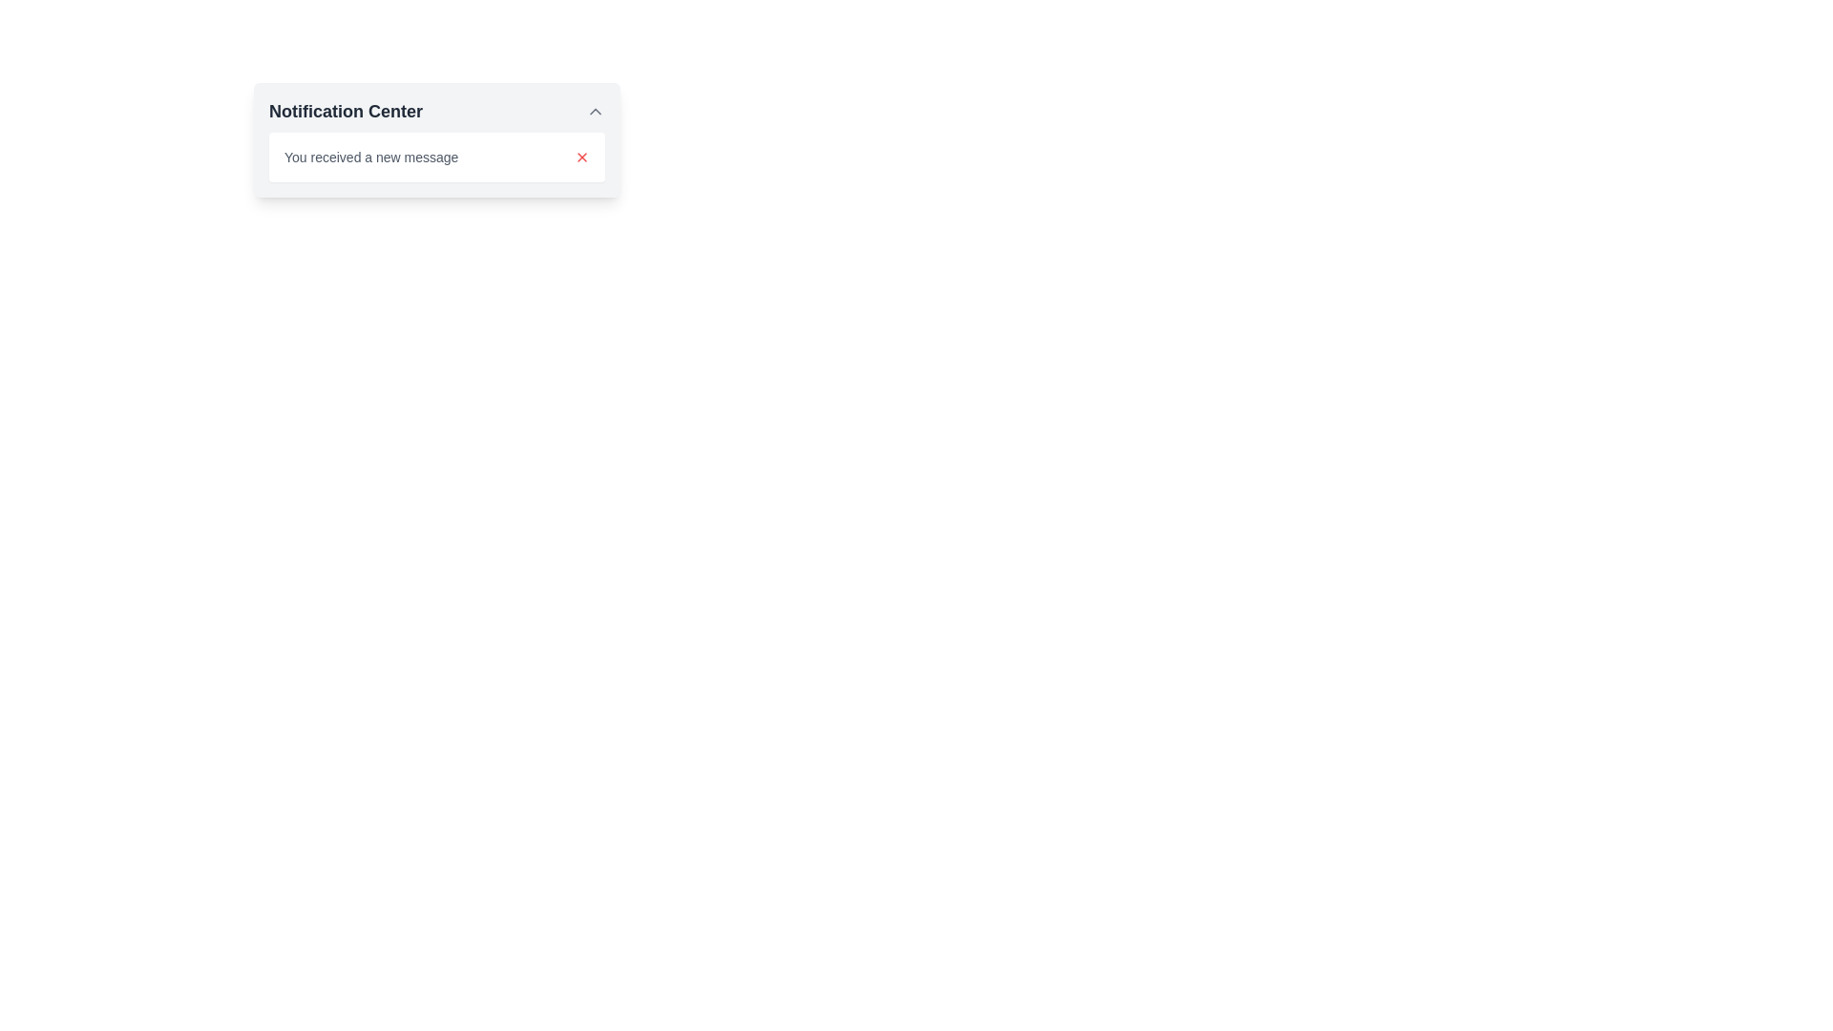 The width and height of the screenshot is (1833, 1031). I want to click on message displayed in the Text Label that shows a notification about receiving a new message, so click(371, 157).